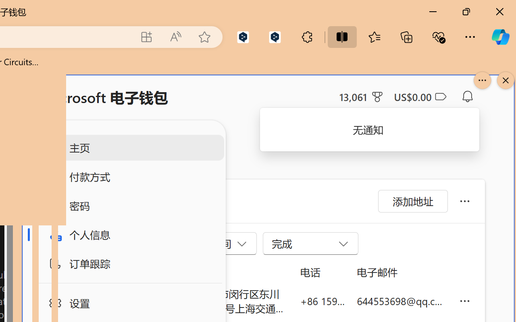 The height and width of the screenshot is (322, 516). I want to click on '+86 159 0032 4640', so click(322, 301).